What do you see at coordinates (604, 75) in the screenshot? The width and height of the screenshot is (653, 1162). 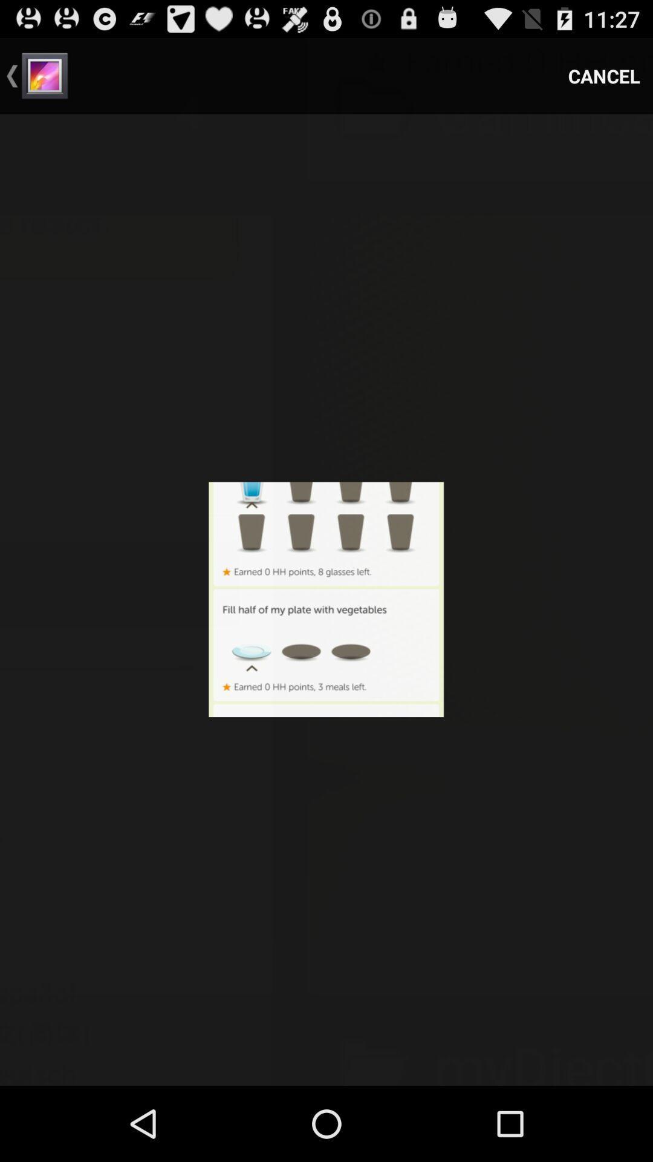 I see `cancel item` at bounding box center [604, 75].